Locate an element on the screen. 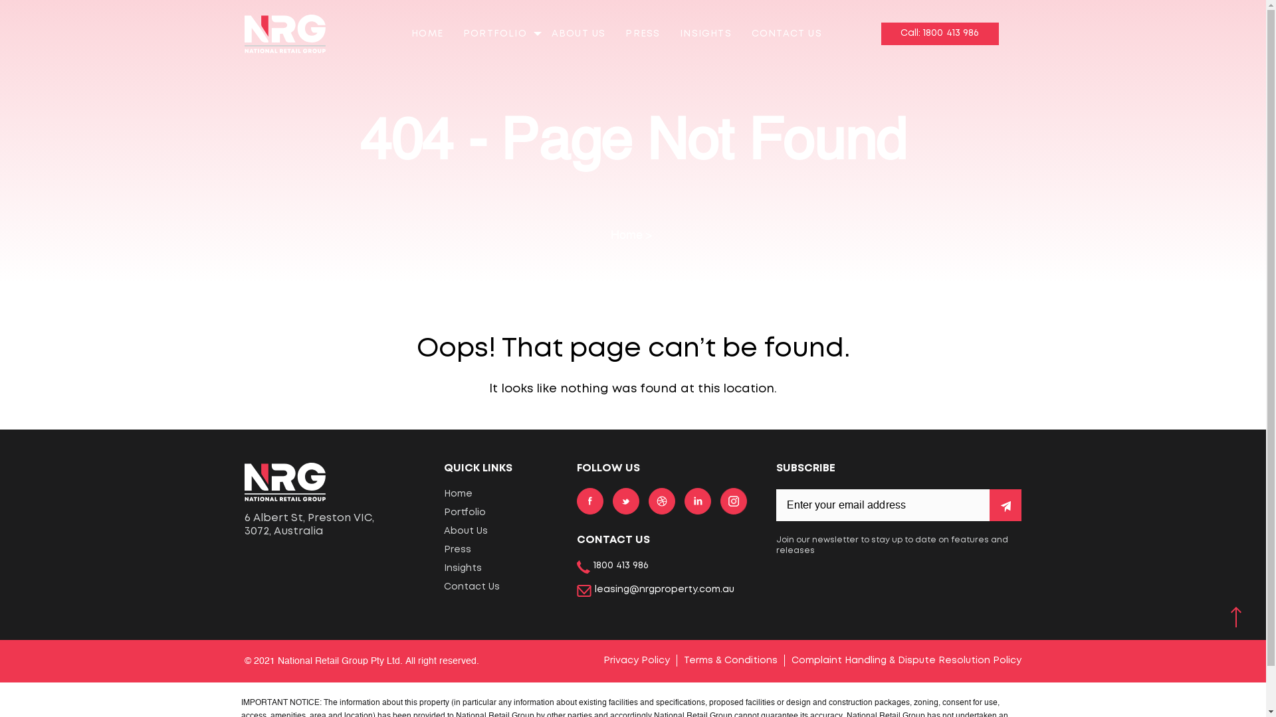 The image size is (1276, 717). 'Instagram' is located at coordinates (733, 499).